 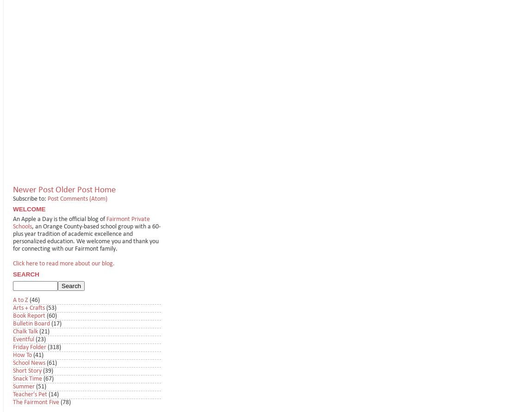 I want to click on '(61)', so click(x=51, y=363).